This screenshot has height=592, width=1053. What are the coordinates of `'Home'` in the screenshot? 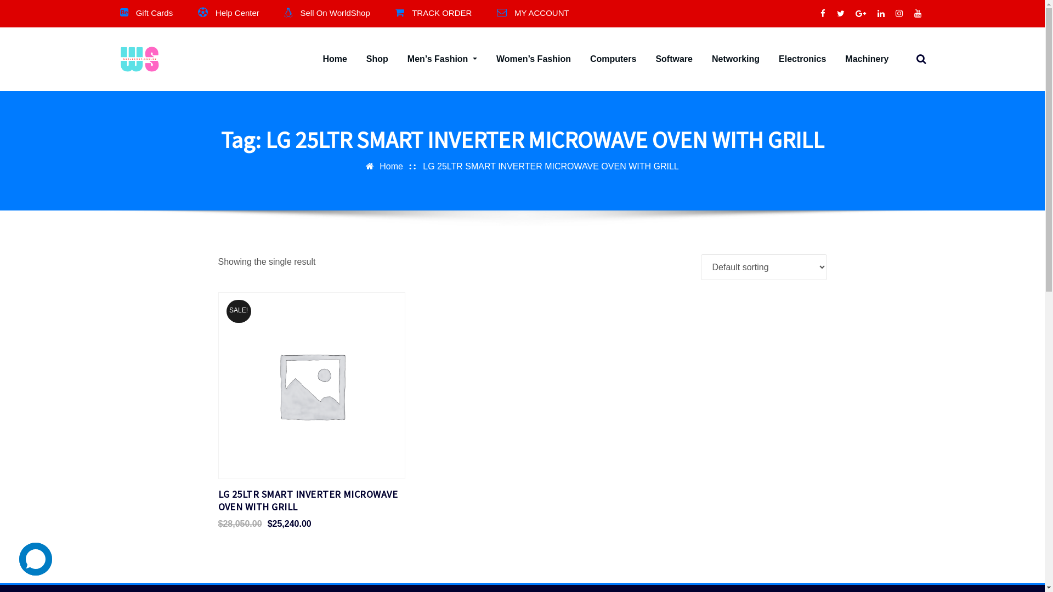 It's located at (322, 59).